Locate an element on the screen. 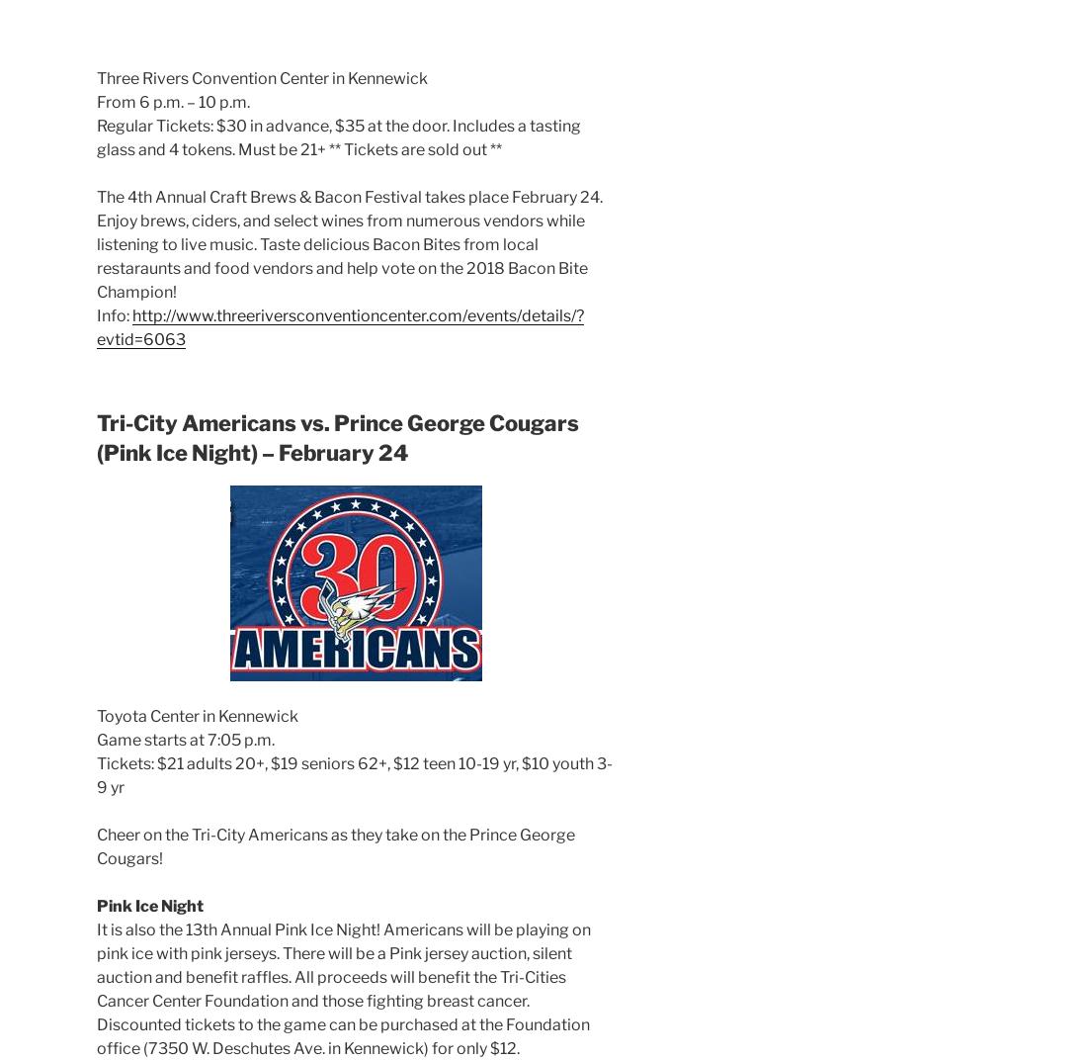 The image size is (1087, 1060). 'Info:' is located at coordinates (97, 313).